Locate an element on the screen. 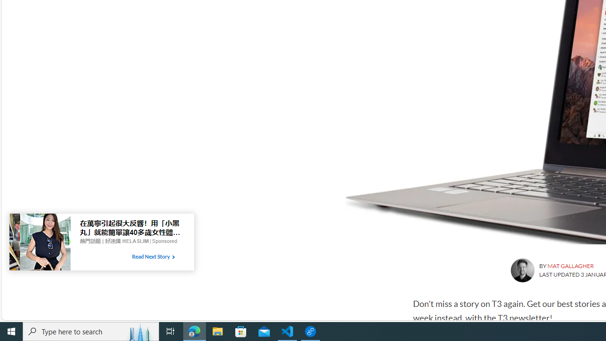 The height and width of the screenshot is (341, 606). 'MAT GALLAGHER' is located at coordinates (570, 266).